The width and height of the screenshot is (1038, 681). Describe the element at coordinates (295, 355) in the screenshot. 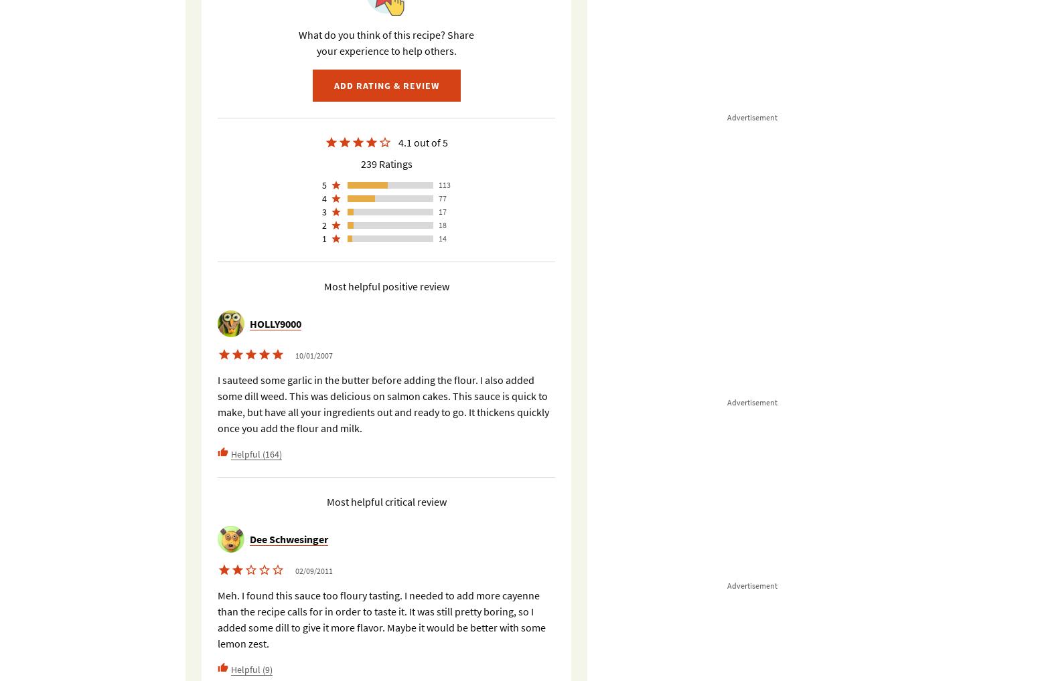

I see `'10/01/2007'` at that location.